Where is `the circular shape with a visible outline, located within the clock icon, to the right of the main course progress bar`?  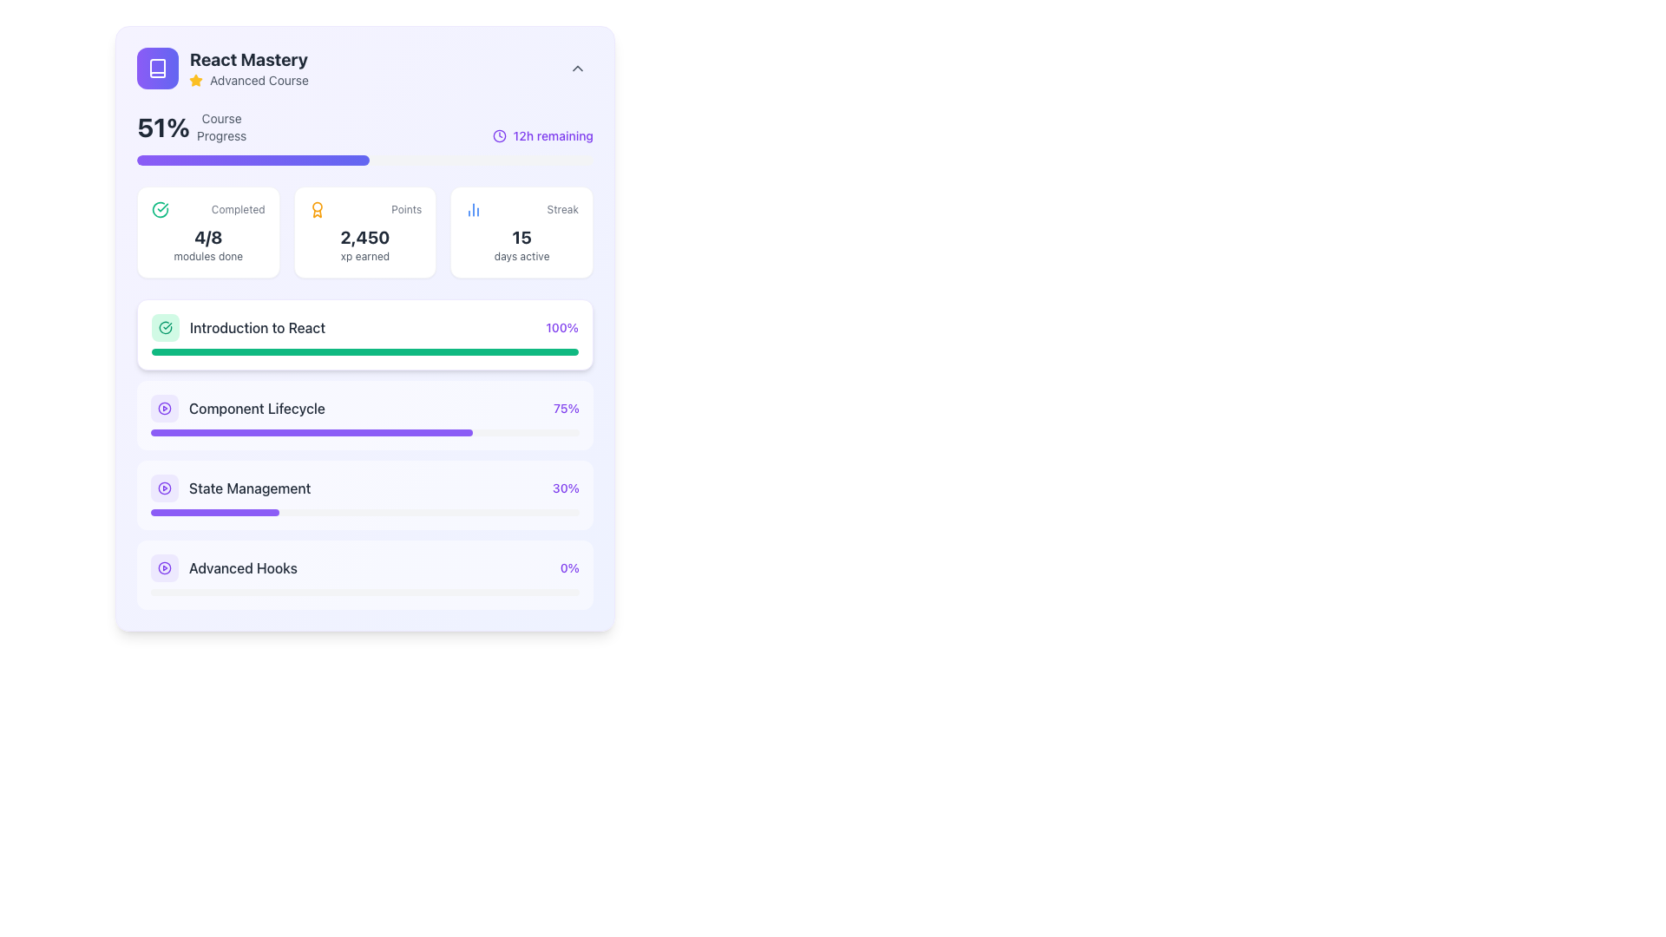 the circular shape with a visible outline, located within the clock icon, to the right of the main course progress bar is located at coordinates (498, 135).